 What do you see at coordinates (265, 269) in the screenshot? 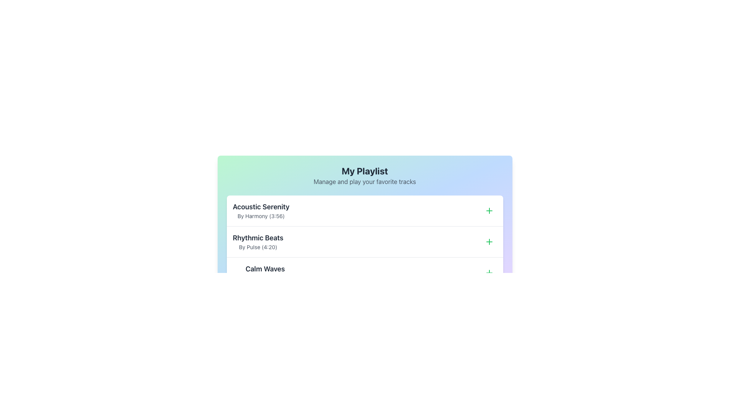
I see `the 'Calm Waves' text label, which serves as the title of the third track in the playlist` at bounding box center [265, 269].